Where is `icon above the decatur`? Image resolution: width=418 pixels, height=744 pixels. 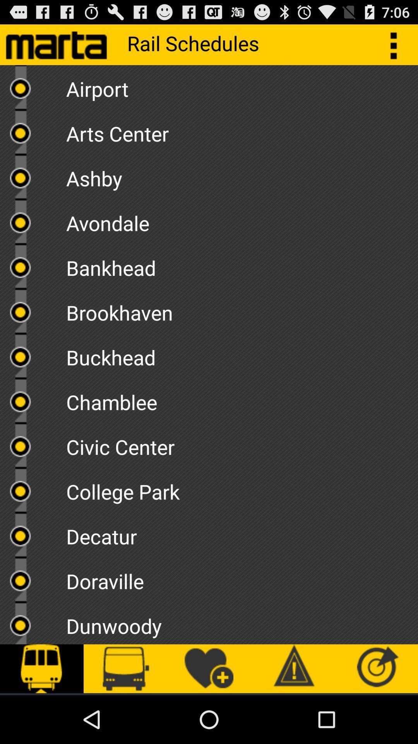
icon above the decatur is located at coordinates (242, 489).